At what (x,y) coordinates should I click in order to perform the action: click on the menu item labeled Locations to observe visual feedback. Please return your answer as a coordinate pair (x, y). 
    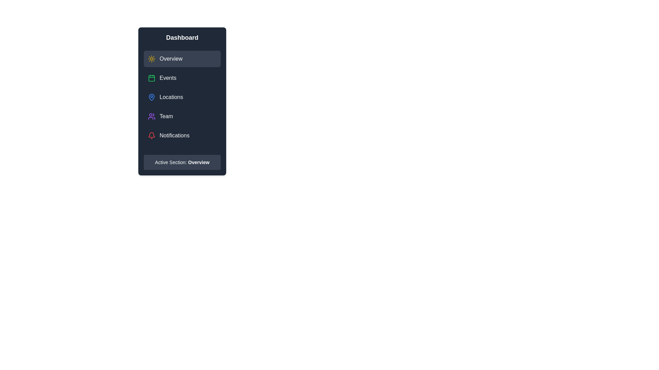
    Looking at the image, I should click on (182, 97).